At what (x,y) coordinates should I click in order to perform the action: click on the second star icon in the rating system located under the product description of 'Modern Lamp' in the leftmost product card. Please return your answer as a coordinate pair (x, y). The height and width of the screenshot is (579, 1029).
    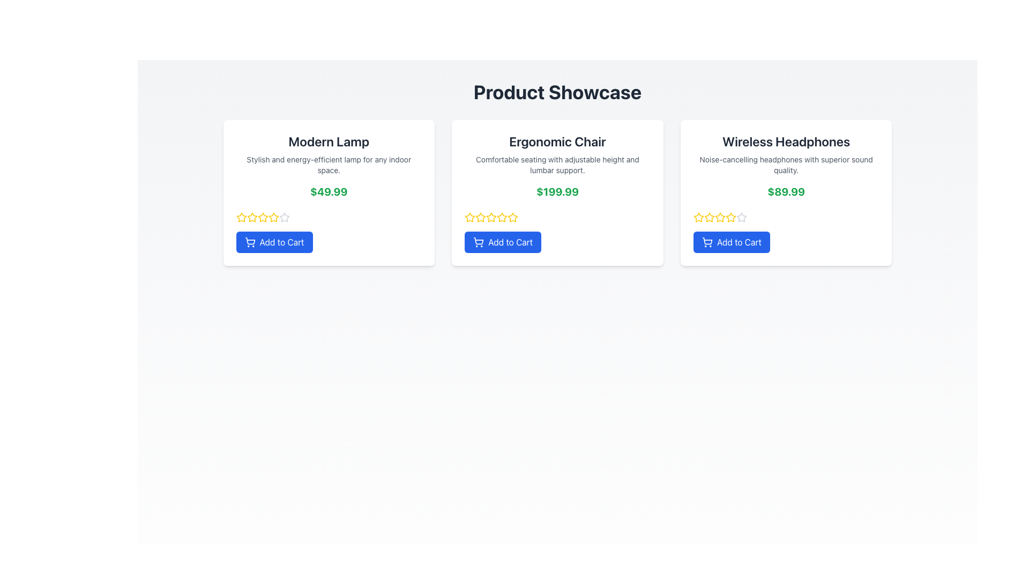
    Looking at the image, I should click on (241, 217).